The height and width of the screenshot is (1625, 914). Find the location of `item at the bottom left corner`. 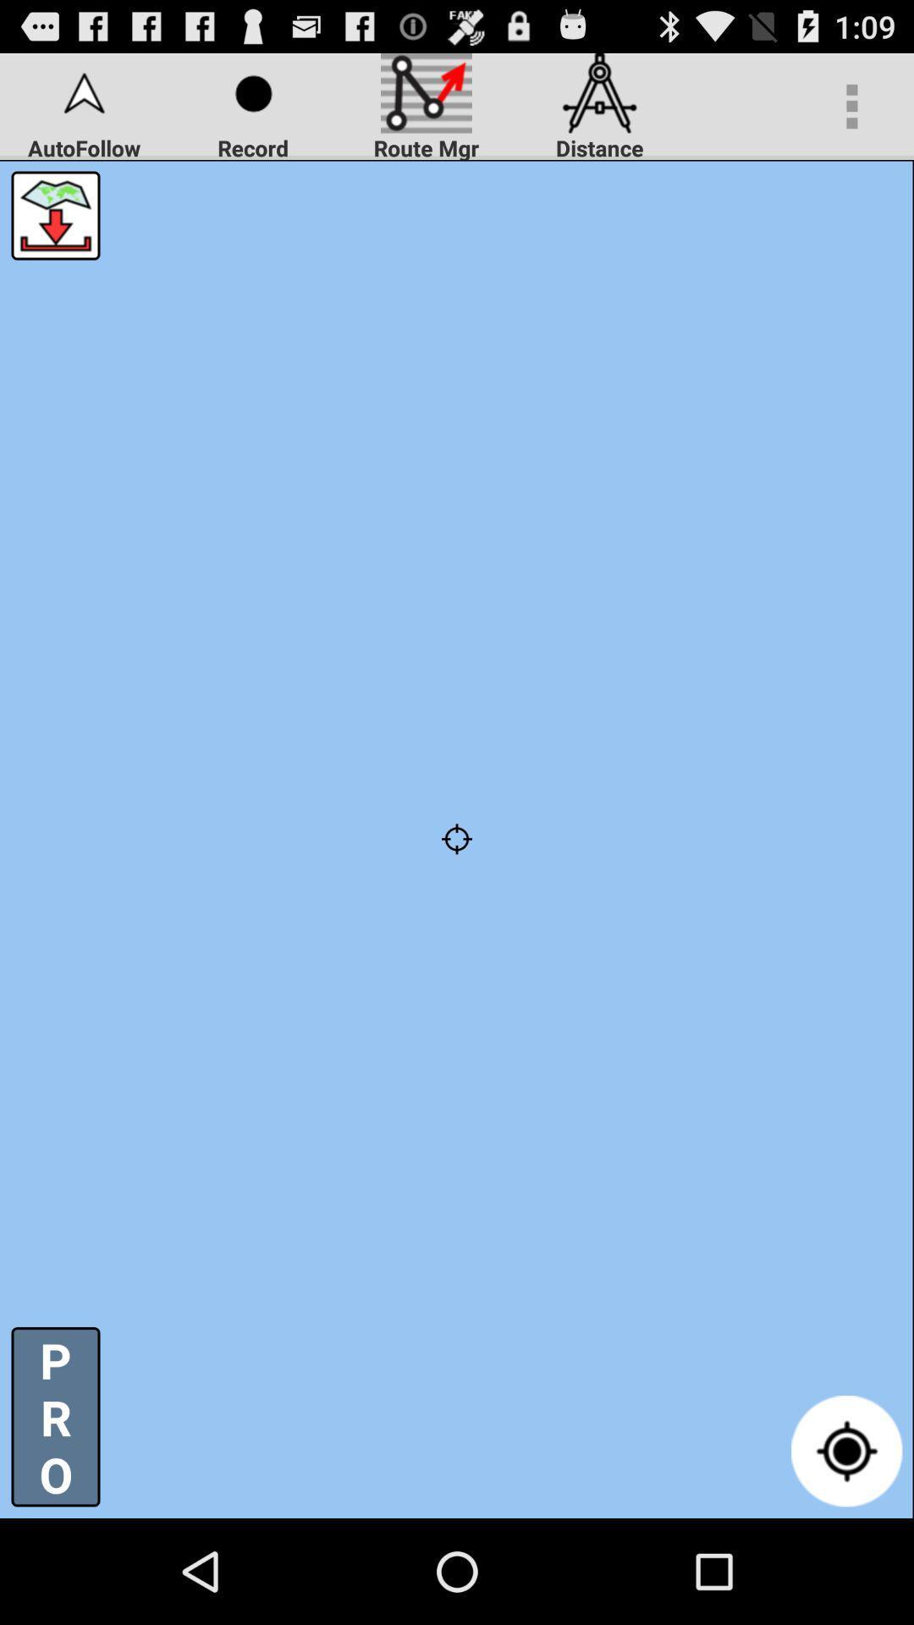

item at the bottom left corner is located at coordinates (54, 1417).